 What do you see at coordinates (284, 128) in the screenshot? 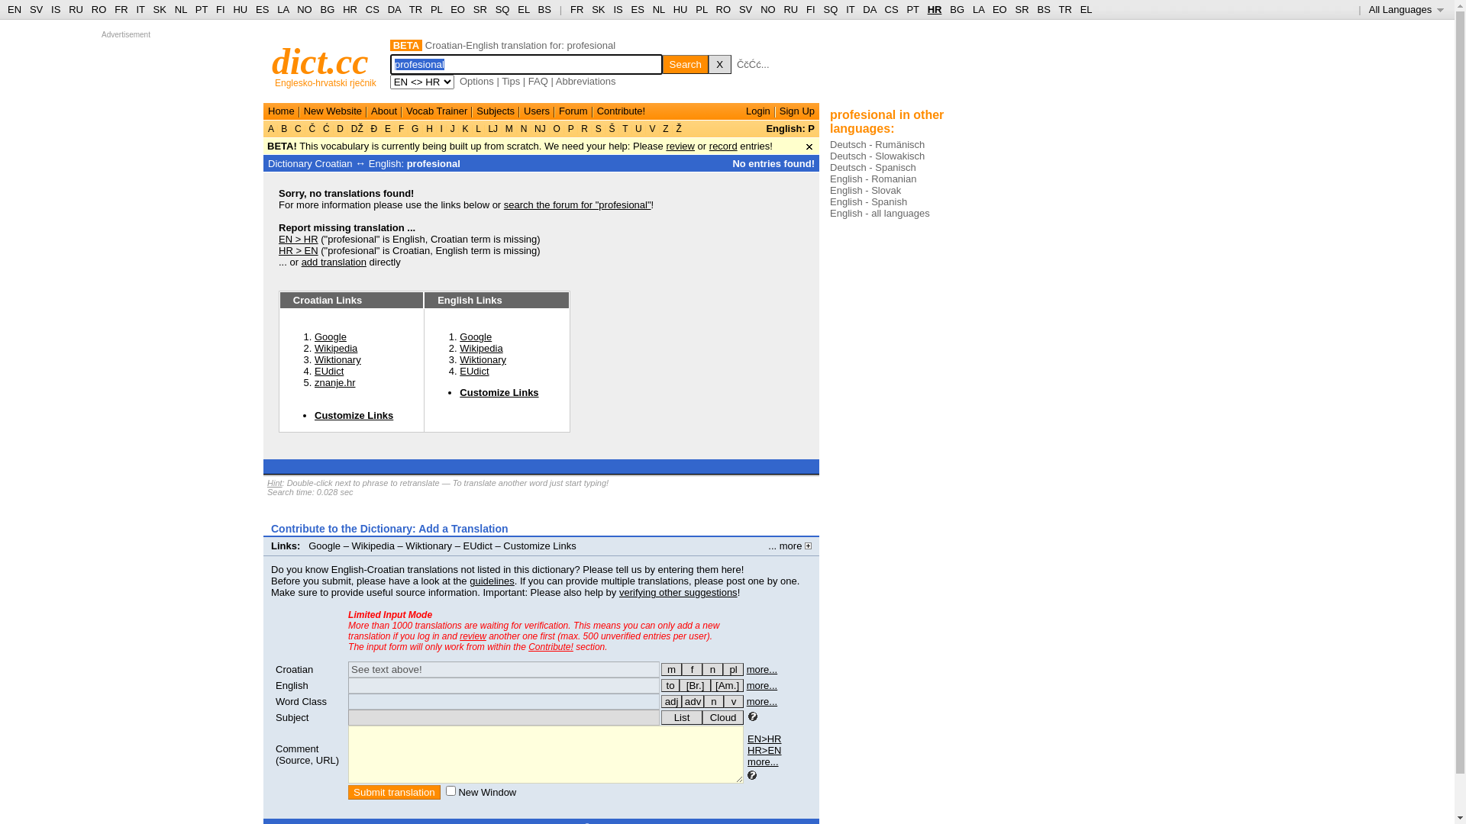
I see `'B'` at bounding box center [284, 128].